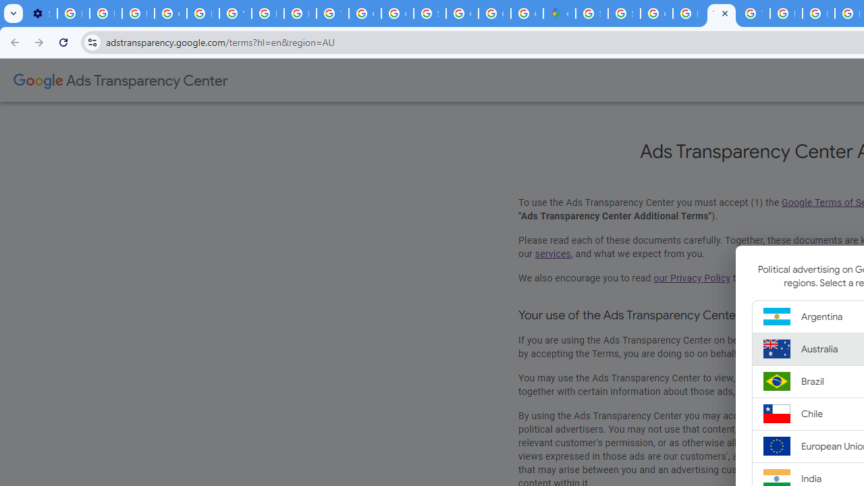 The height and width of the screenshot is (486, 864). I want to click on 'our Privacy Policy', so click(692, 277).